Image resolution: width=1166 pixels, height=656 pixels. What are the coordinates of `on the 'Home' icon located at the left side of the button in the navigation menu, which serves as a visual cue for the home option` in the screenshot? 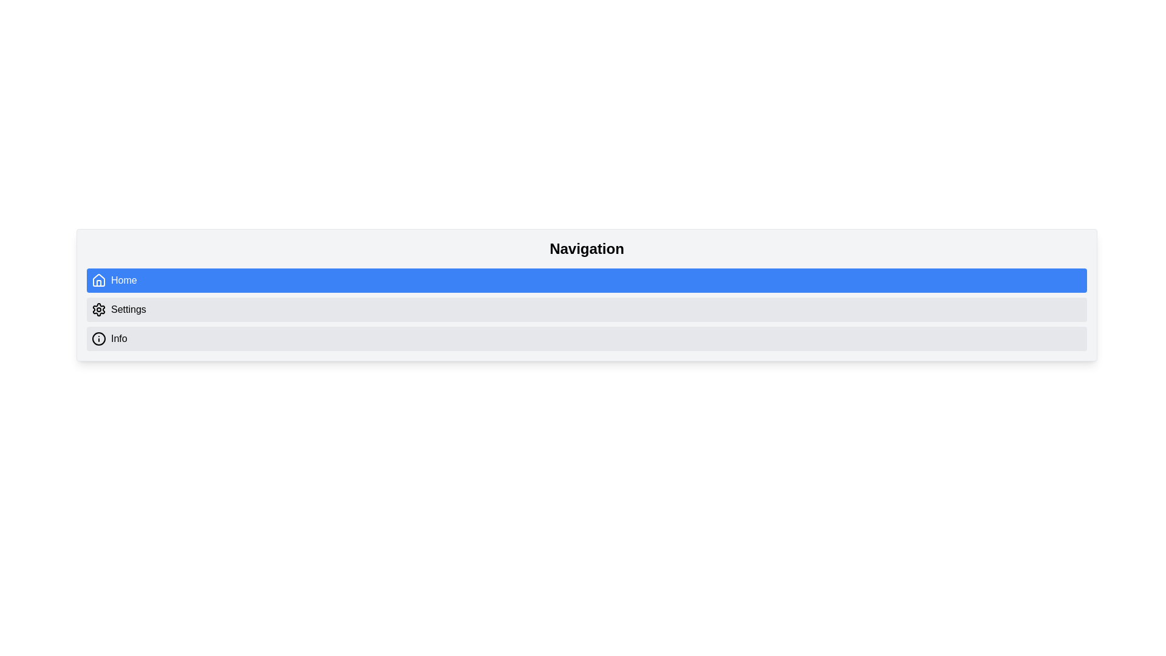 It's located at (99, 281).